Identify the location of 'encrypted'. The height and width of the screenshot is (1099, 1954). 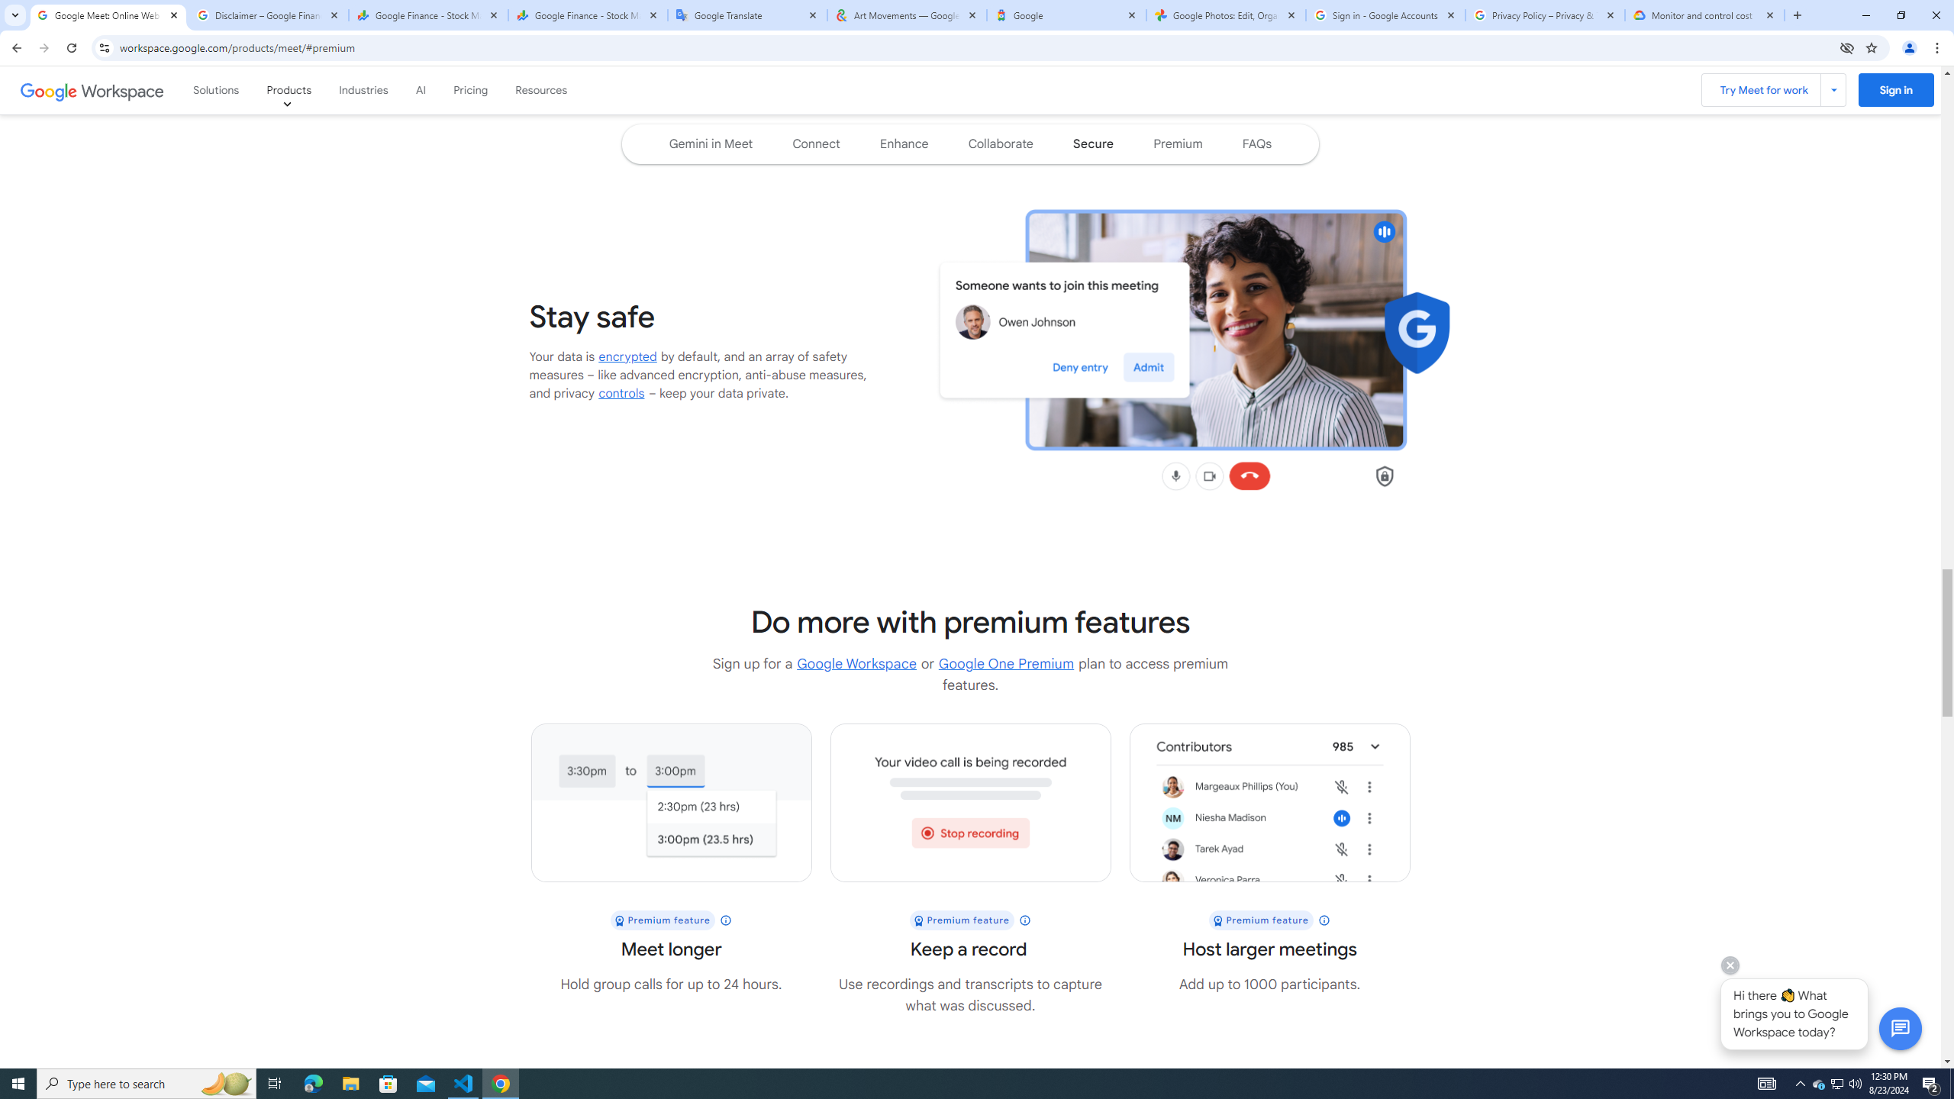
(628, 356).